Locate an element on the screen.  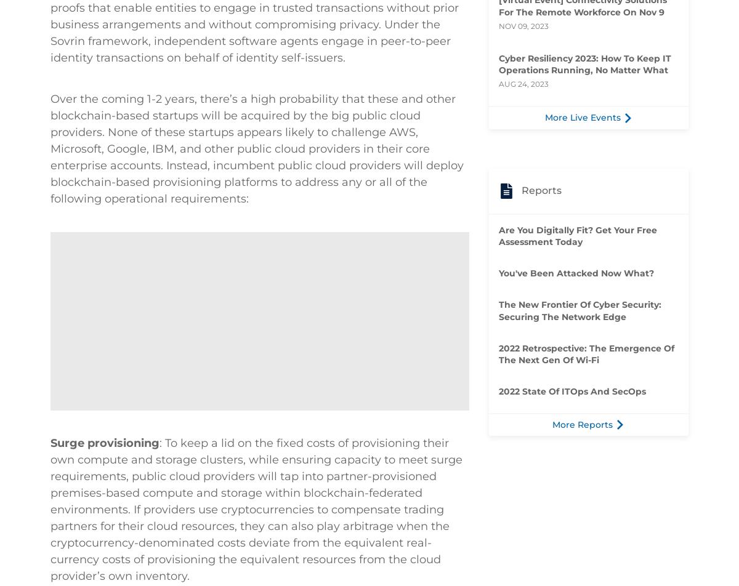
'Nov 09, 2023' is located at coordinates (523, 25).